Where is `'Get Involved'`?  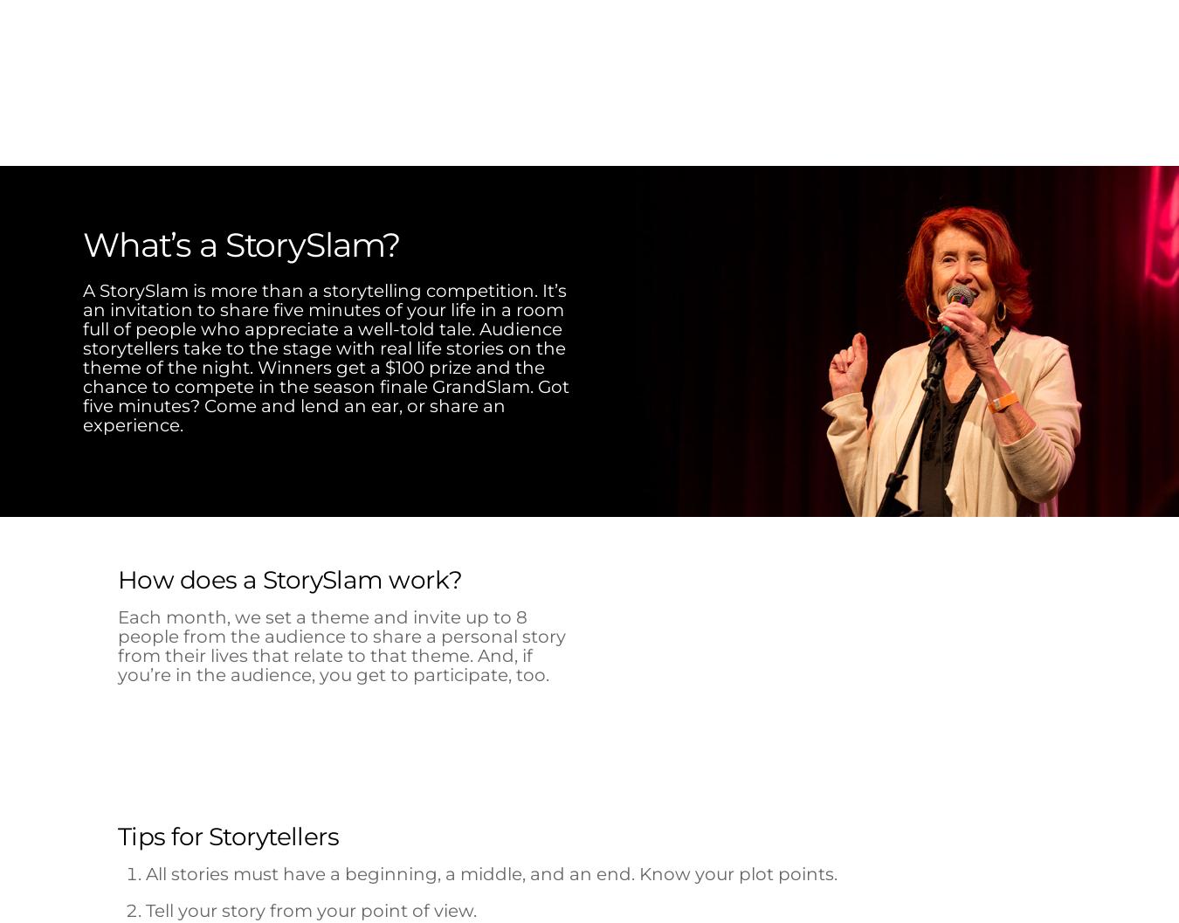 'Get Involved' is located at coordinates (788, 43).